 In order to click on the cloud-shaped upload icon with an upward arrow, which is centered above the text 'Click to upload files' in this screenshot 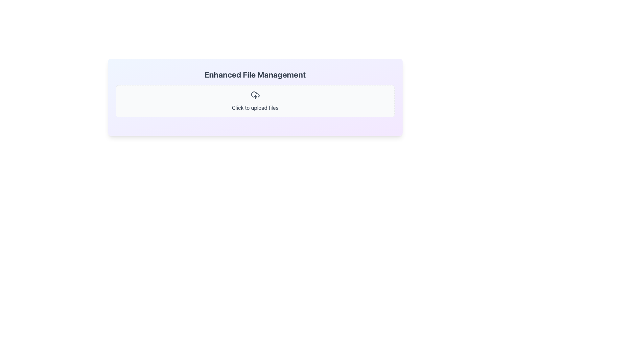, I will do `click(255, 95)`.